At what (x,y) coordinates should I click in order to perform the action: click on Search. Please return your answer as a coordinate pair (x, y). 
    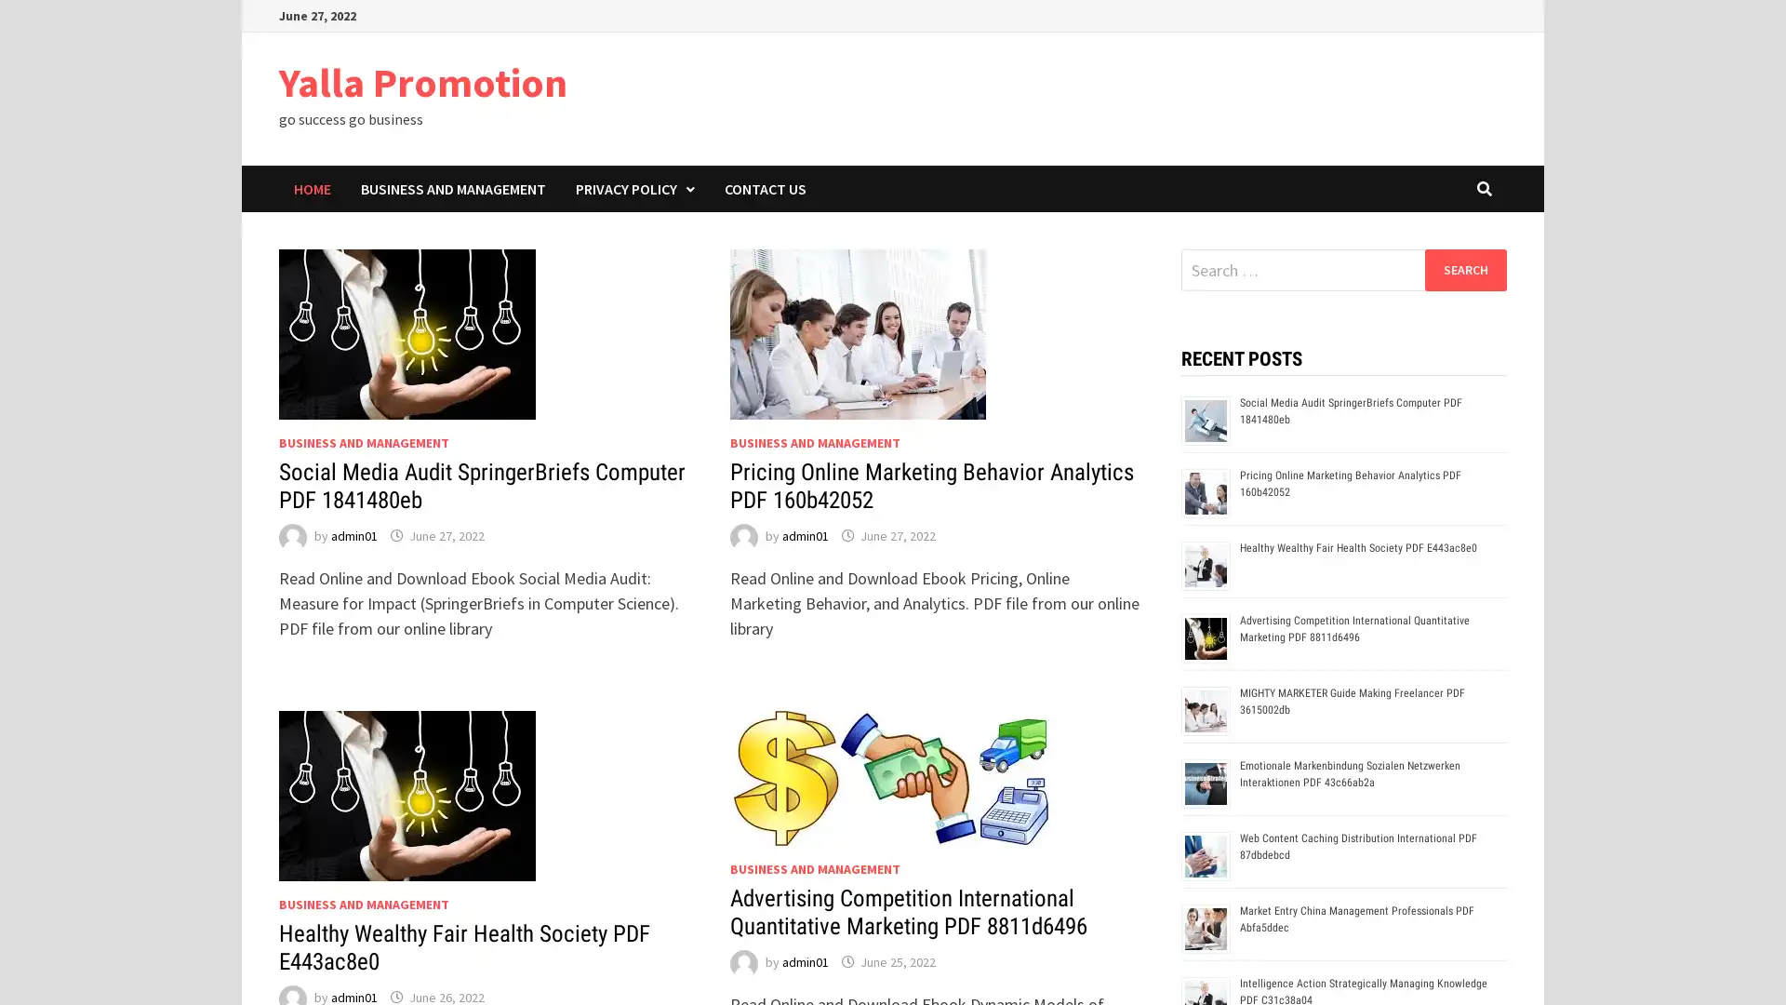
    Looking at the image, I should click on (1464, 269).